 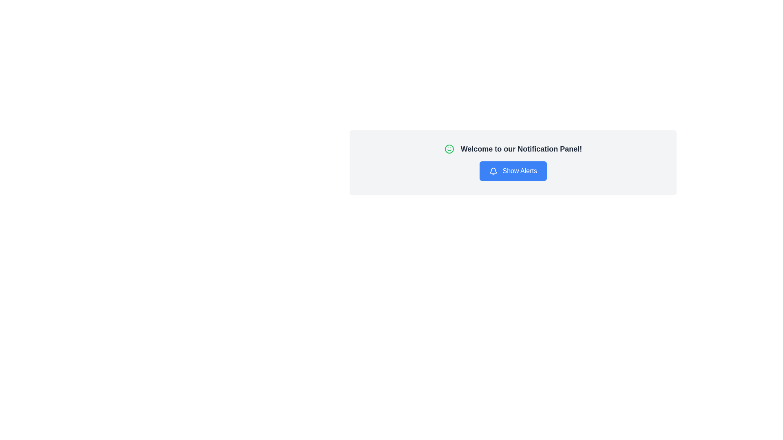 What do you see at coordinates (513, 149) in the screenshot?
I see `welcoming message displayed in the text element above the blue button labeled 'Show Alerts'` at bounding box center [513, 149].